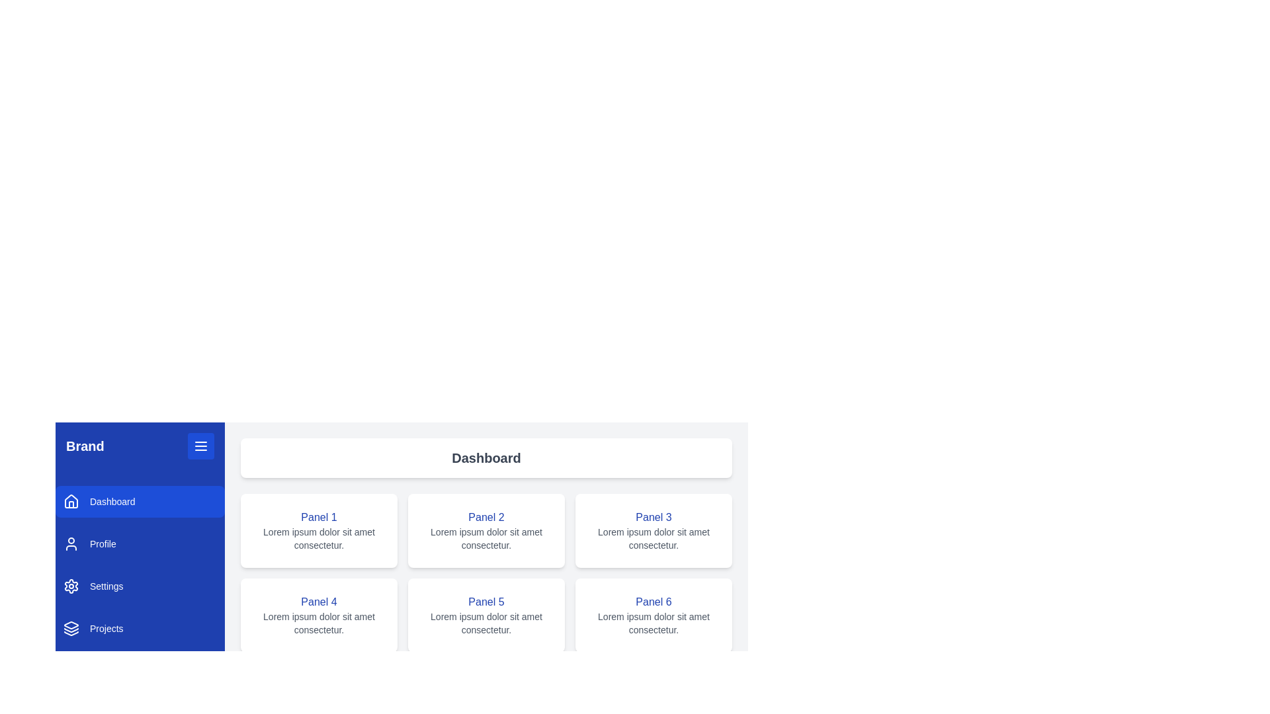 Image resolution: width=1270 pixels, height=714 pixels. Describe the element at coordinates (654, 615) in the screenshot. I see `the rectangular panel with a white background and blue header labeled 'Panel 6' located in the bottom-right corner of the grid layout` at that location.